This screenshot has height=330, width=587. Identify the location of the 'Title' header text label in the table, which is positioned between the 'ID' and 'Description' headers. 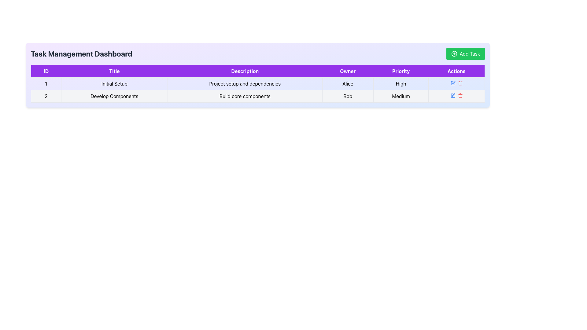
(114, 71).